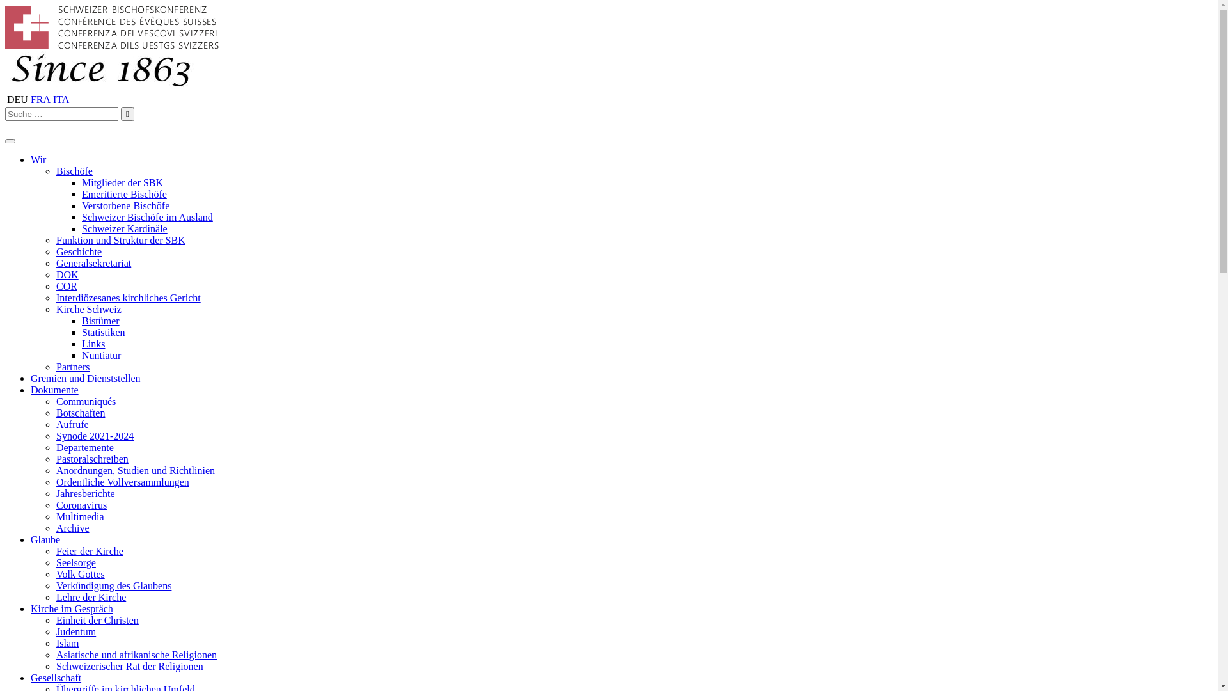  I want to click on 'Pastoralschreiben', so click(91, 458).